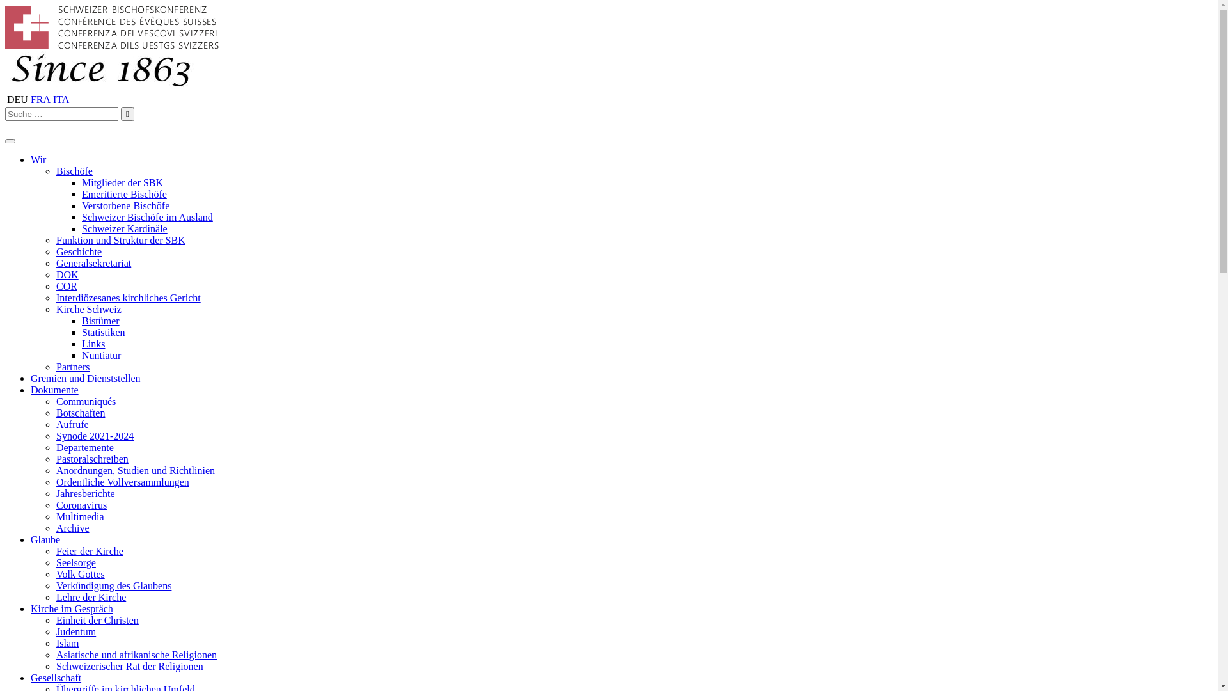  I want to click on 'Pastoralschreiben', so click(91, 458).